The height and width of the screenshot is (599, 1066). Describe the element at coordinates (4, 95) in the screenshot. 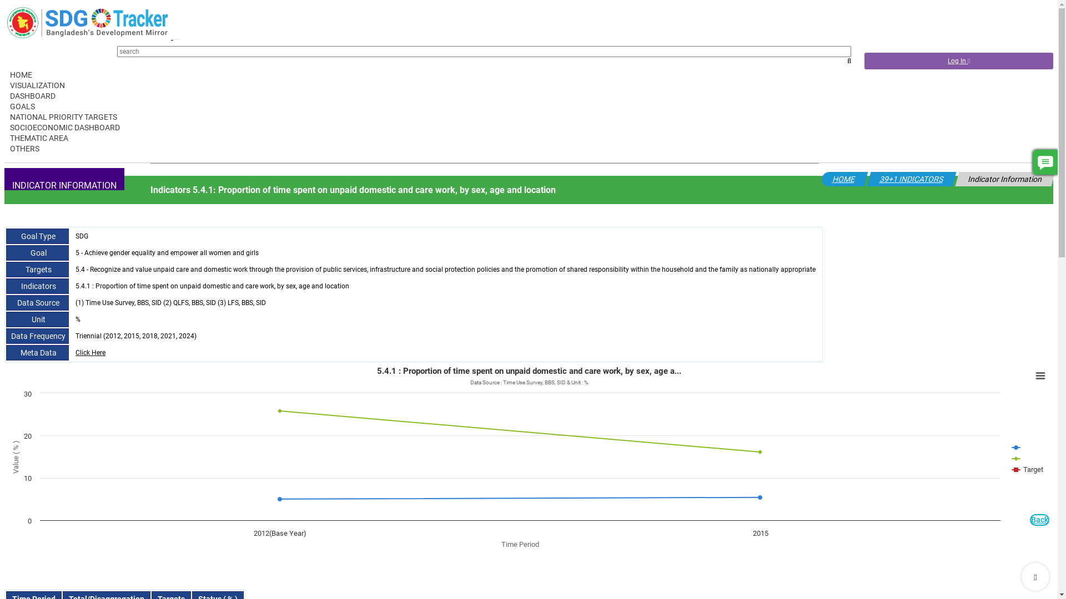

I see `'DASHBOARD'` at that location.